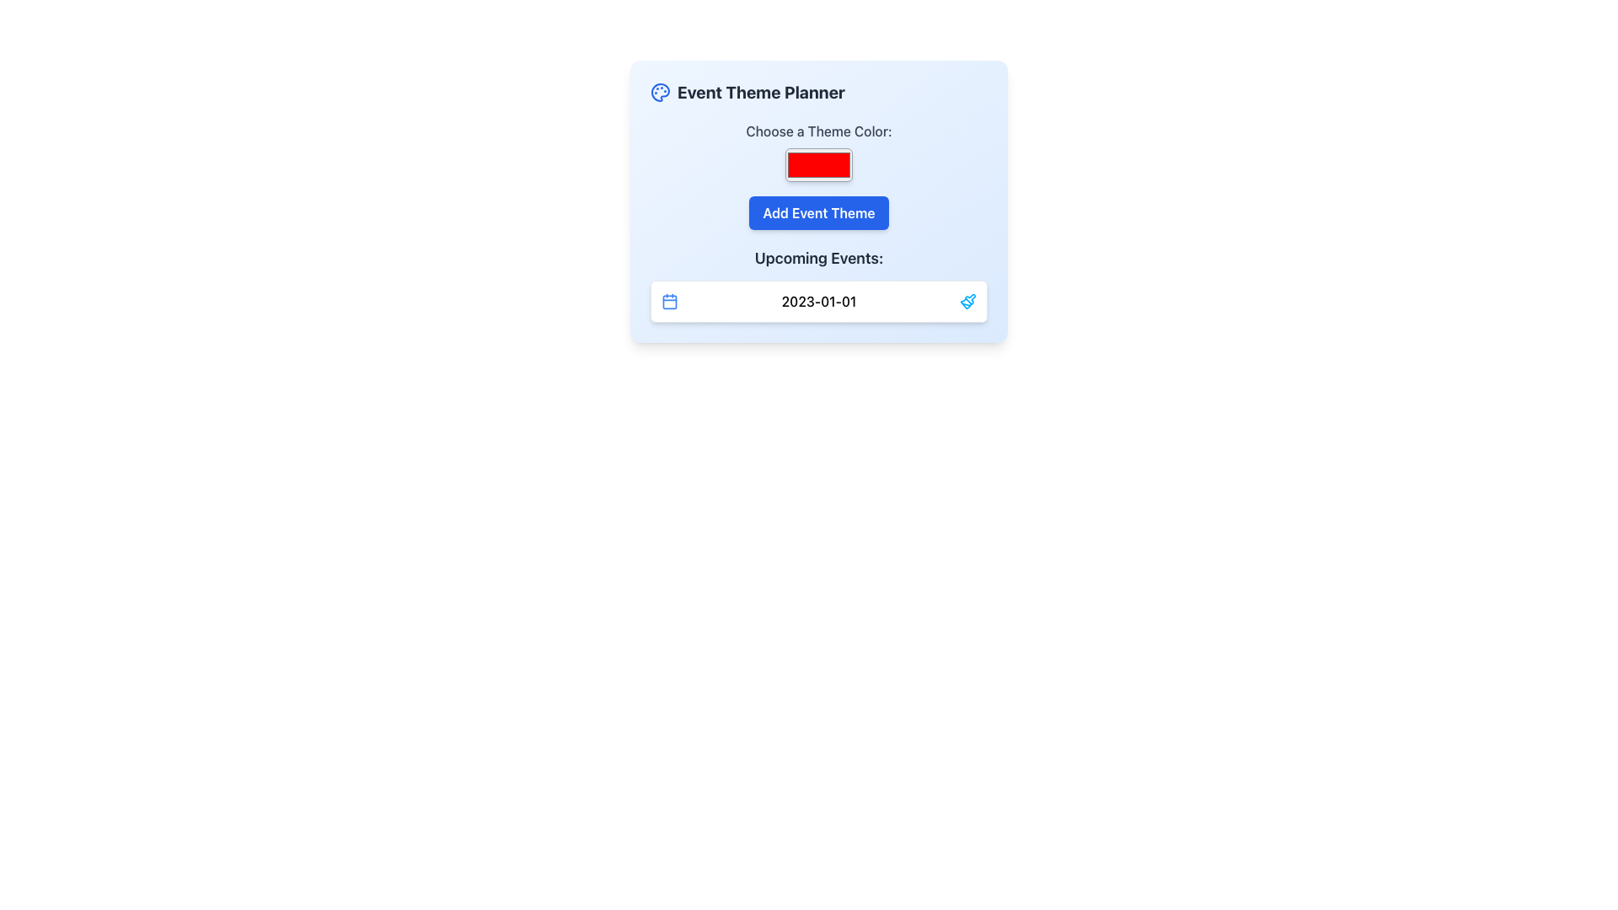 This screenshot has width=1618, height=910. Describe the element at coordinates (659, 93) in the screenshot. I see `the outermost layer of the painter's palette icon in the SVG graphic` at that location.